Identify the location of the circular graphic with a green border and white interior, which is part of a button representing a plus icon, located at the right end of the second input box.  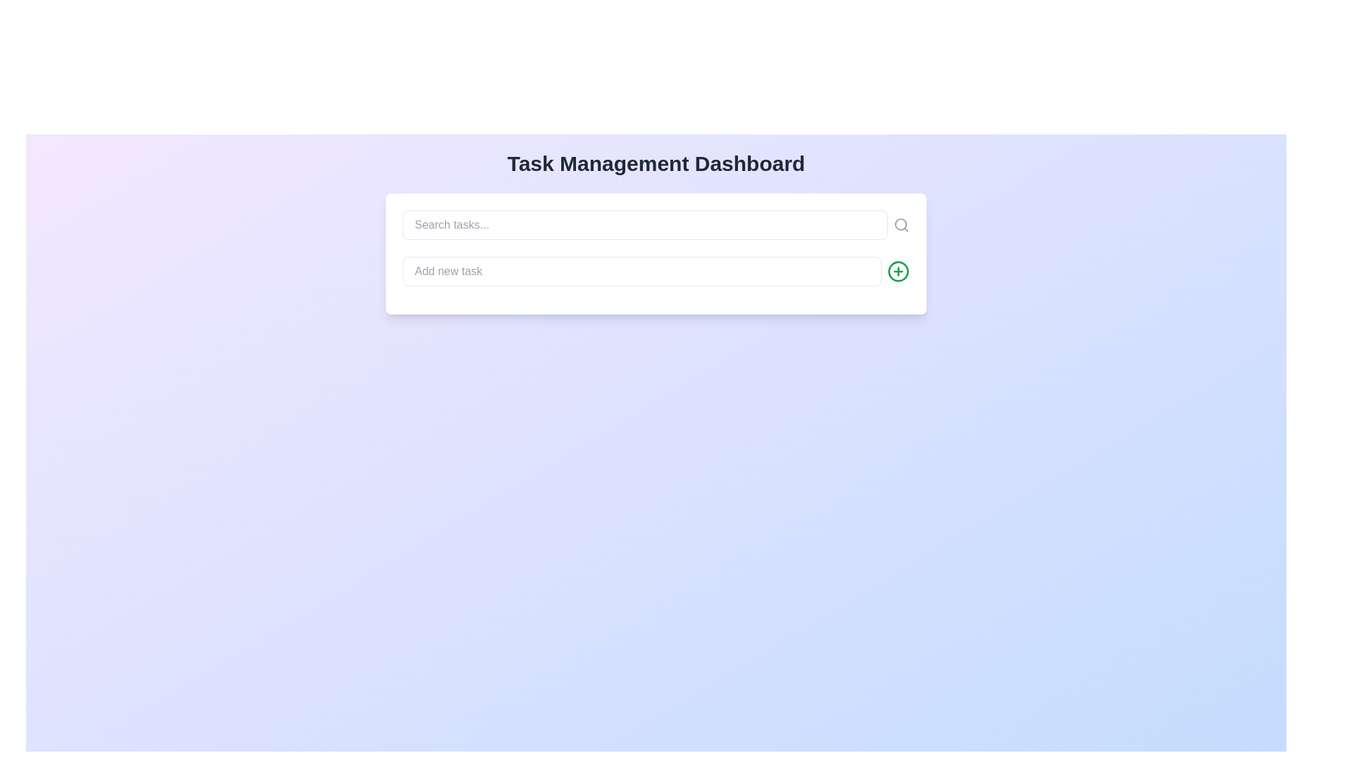
(898, 271).